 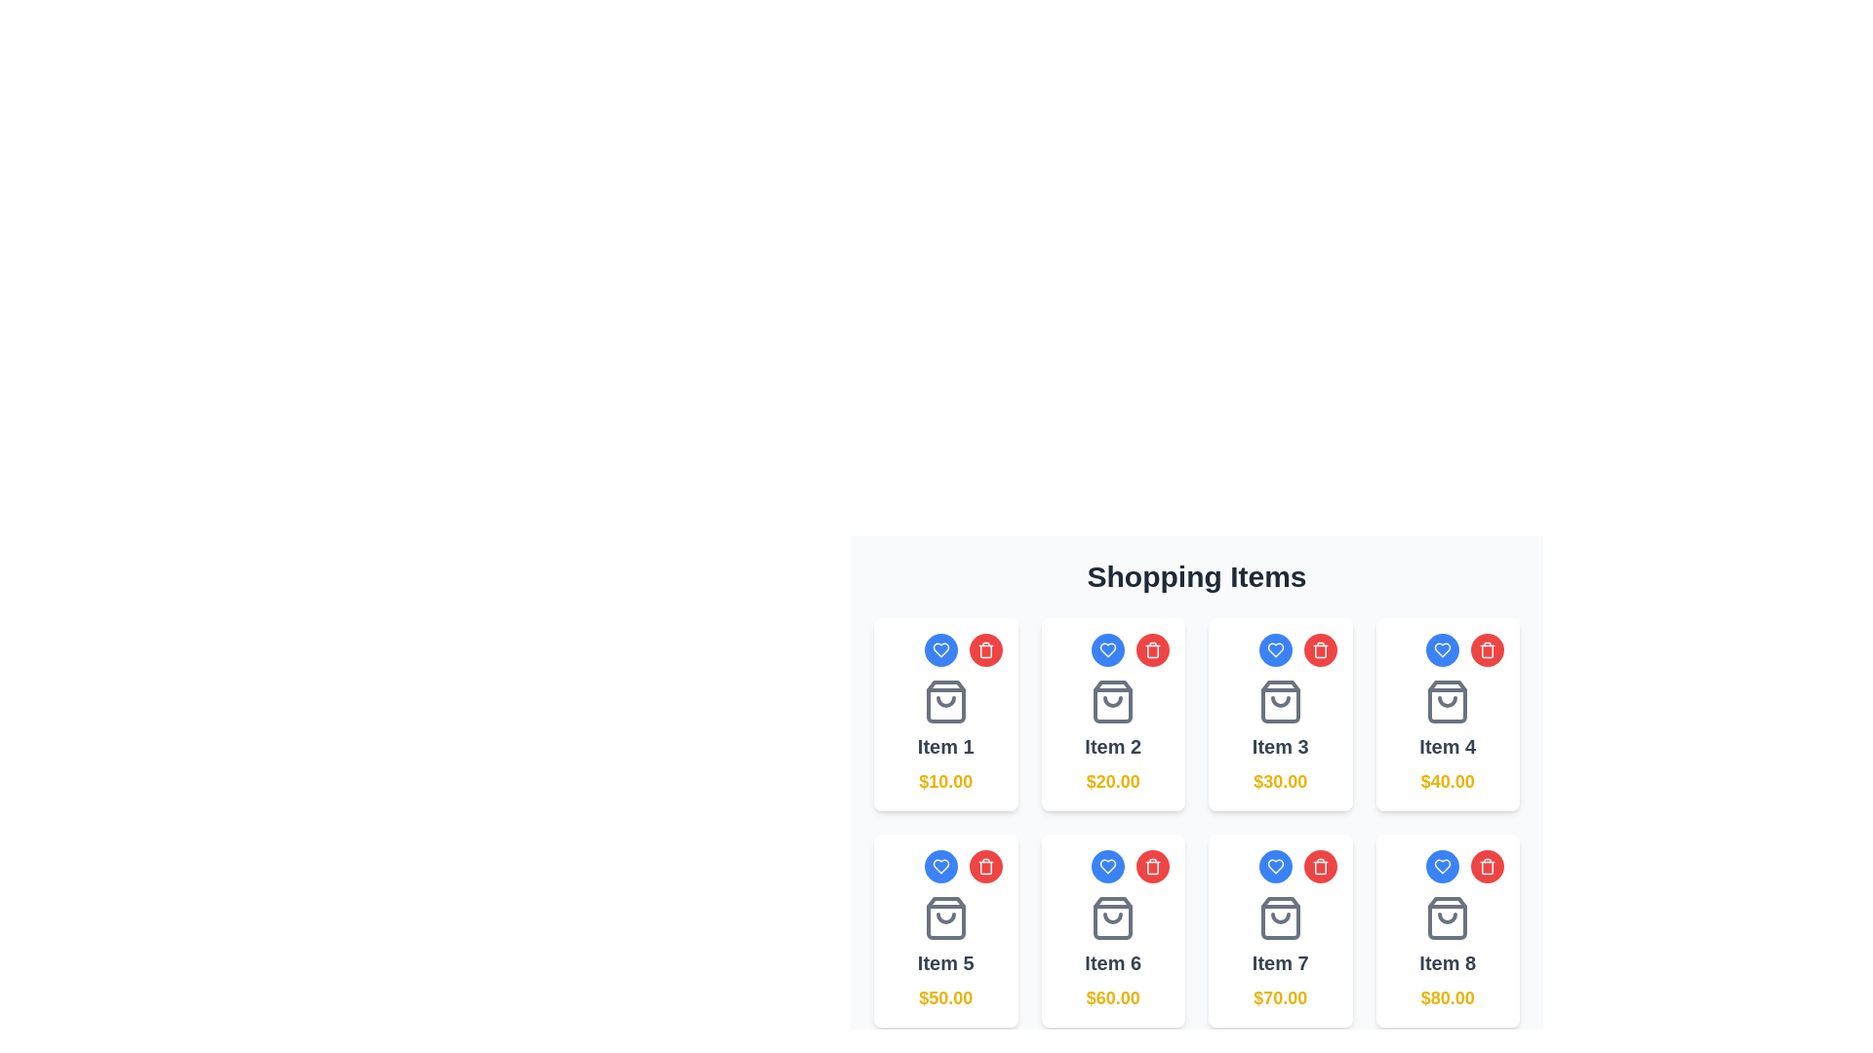 I want to click on the graphical icon component of the shopping bag representing 'Item 5' in the second row, first column of the item grid, so click(x=945, y=917).